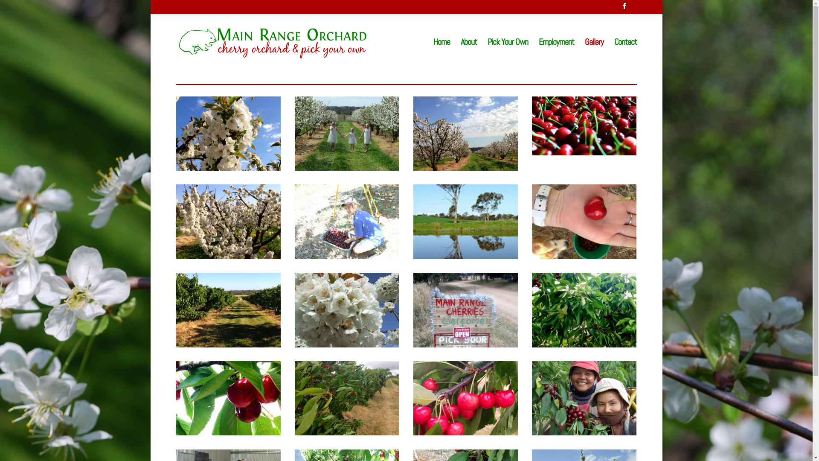  What do you see at coordinates (433, 54) in the screenshot?
I see `'Home'` at bounding box center [433, 54].